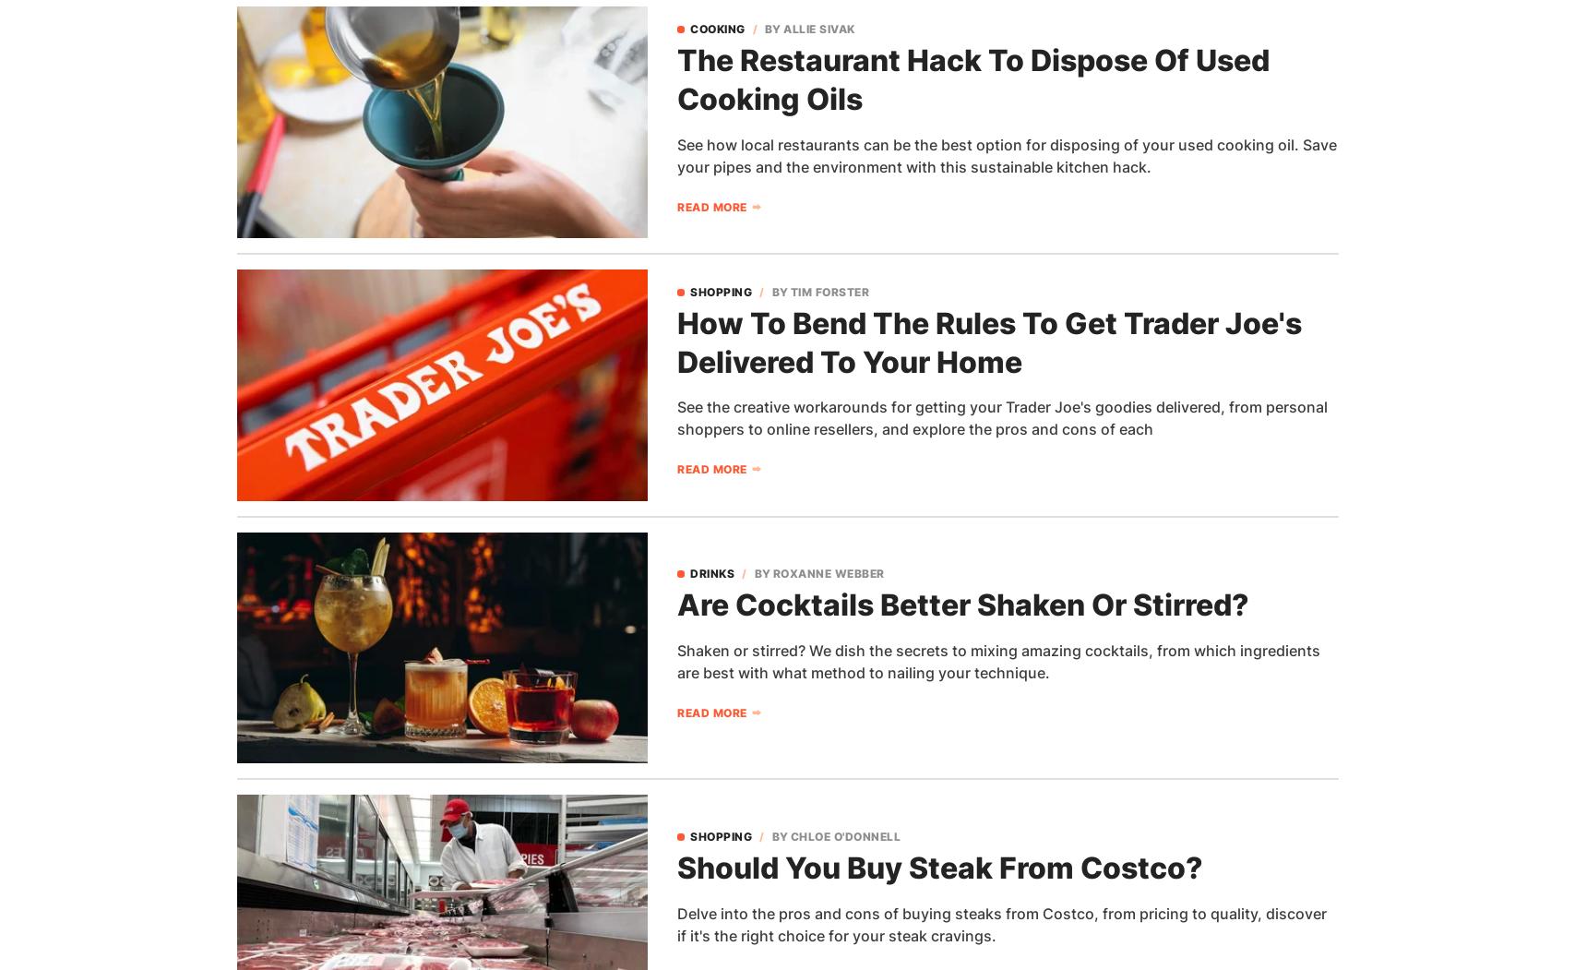 This screenshot has width=1575, height=970. What do you see at coordinates (829, 290) in the screenshot?
I see `'Tim Forster'` at bounding box center [829, 290].